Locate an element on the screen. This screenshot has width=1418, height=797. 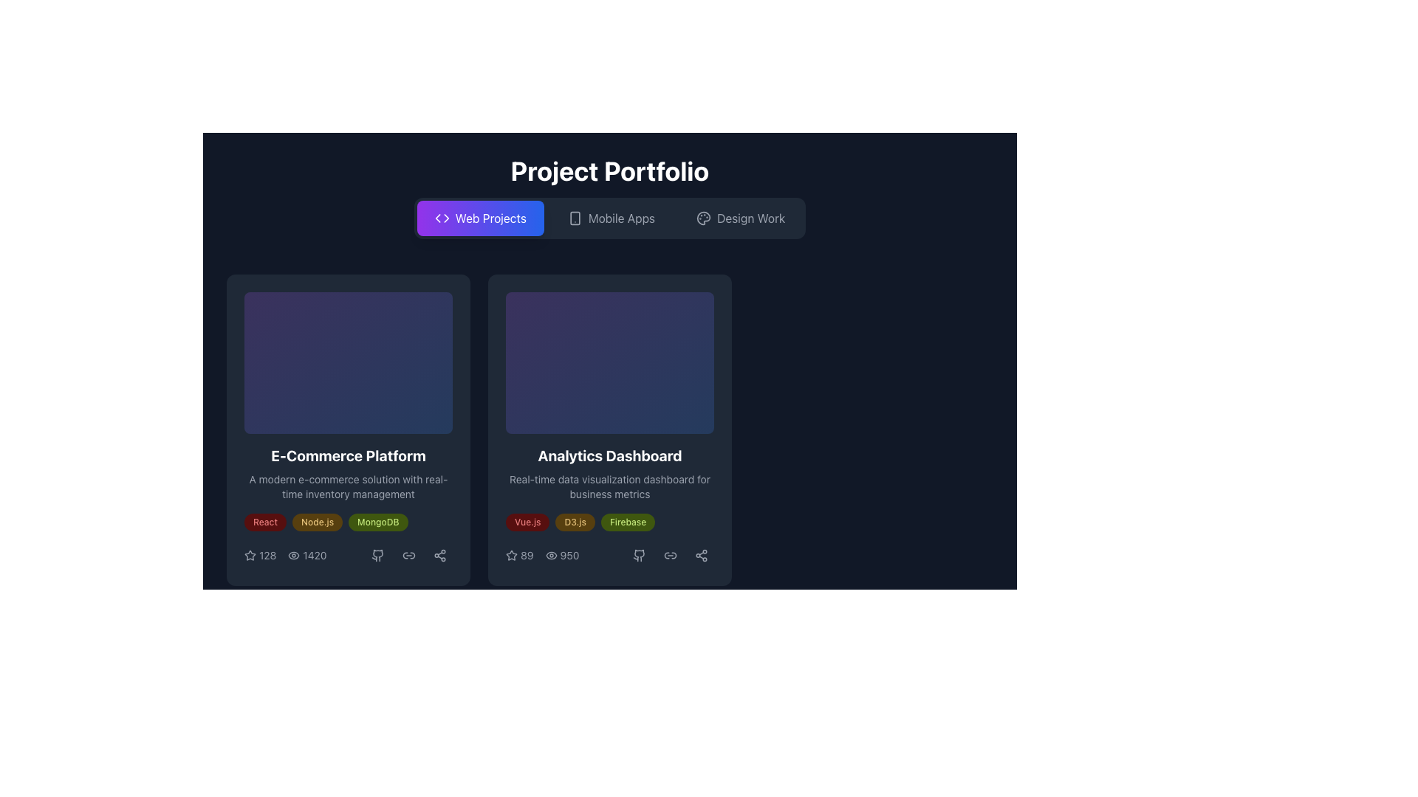
the graphical eye icon button associated with the view count in the right section of the second card on the 'Analytics Dashboard.' is located at coordinates (550, 555).